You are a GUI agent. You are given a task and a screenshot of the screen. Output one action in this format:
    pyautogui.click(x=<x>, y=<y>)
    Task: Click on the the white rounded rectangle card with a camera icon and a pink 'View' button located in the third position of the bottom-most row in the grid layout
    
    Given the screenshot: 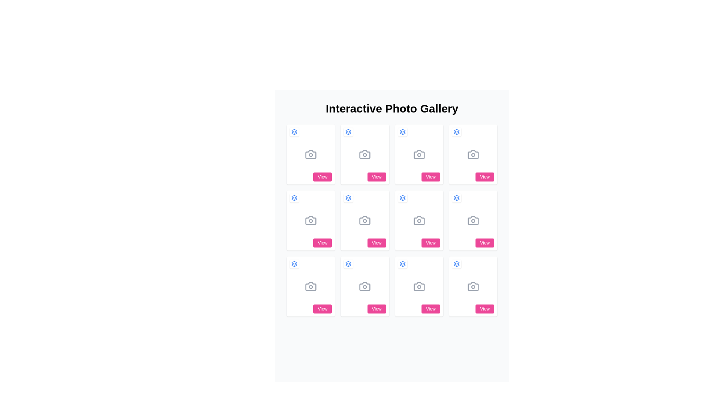 What is the action you would take?
    pyautogui.click(x=365, y=286)
    